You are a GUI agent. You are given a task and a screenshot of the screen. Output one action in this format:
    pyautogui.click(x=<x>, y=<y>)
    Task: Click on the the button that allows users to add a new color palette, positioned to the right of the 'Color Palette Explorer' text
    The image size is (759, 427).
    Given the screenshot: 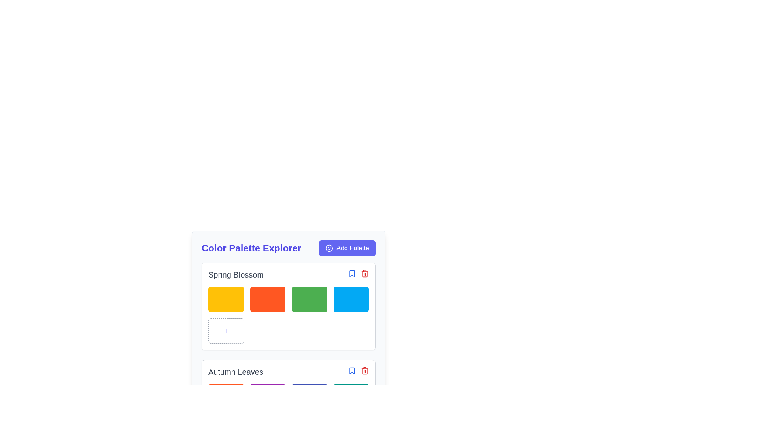 What is the action you would take?
    pyautogui.click(x=347, y=248)
    